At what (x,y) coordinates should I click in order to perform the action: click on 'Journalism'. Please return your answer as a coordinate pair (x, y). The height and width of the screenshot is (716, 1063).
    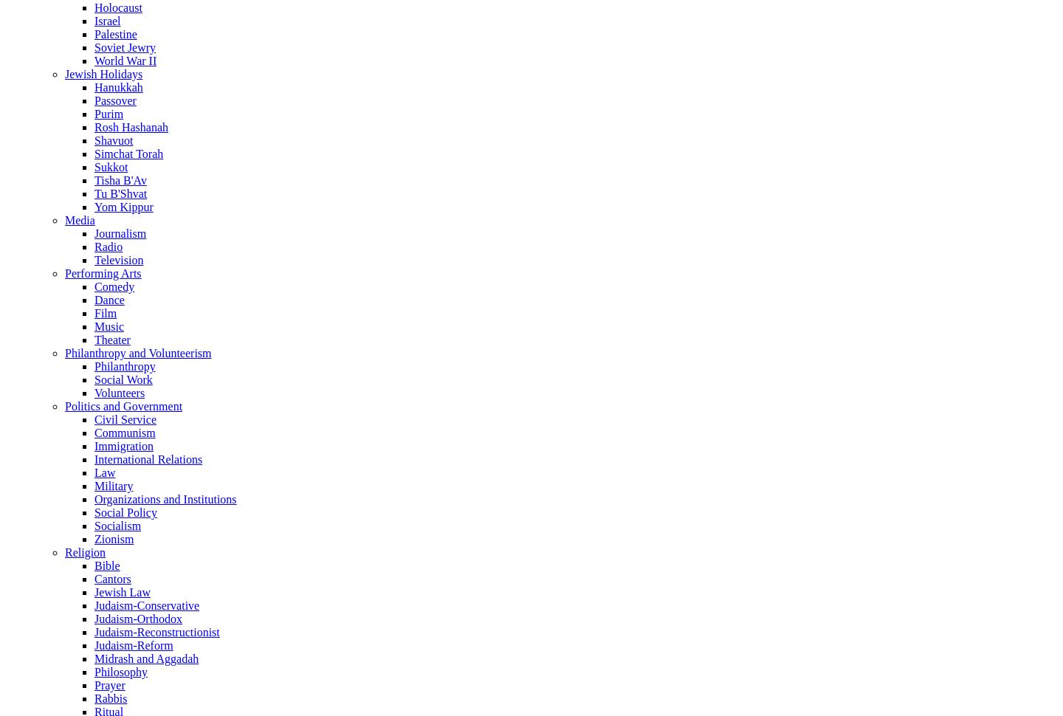
    Looking at the image, I should click on (94, 233).